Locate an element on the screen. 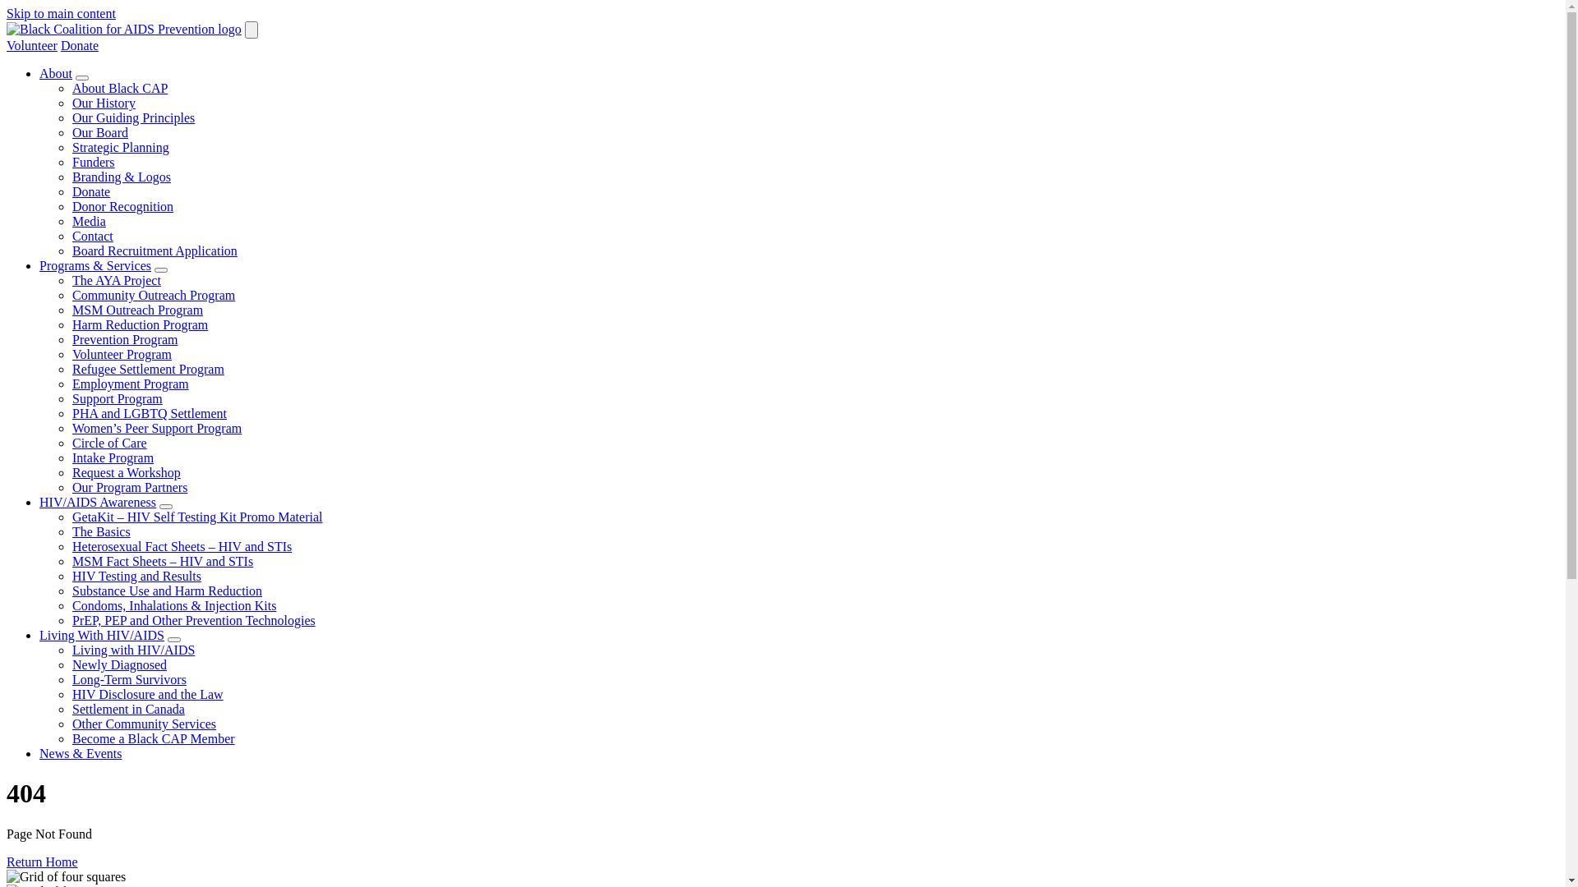 The height and width of the screenshot is (887, 1578). 'Funders' is located at coordinates (71, 162).